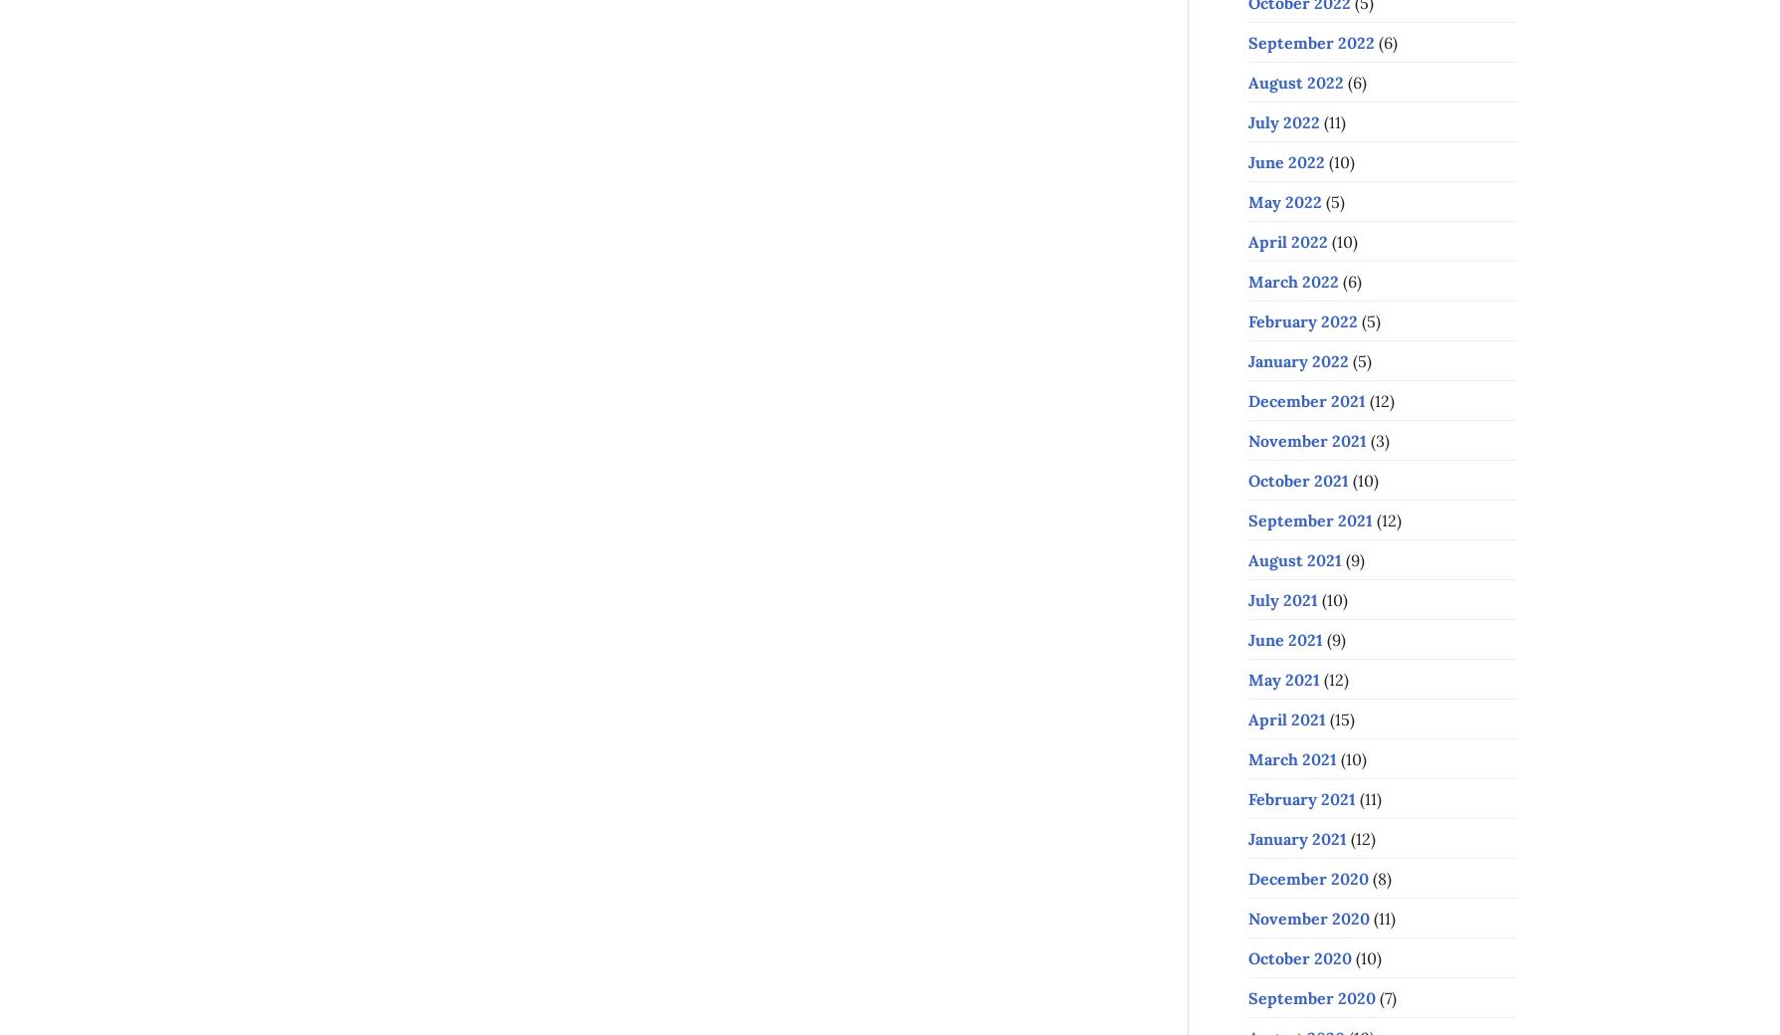  Describe the element at coordinates (1310, 997) in the screenshot. I see `'September 2020'` at that location.